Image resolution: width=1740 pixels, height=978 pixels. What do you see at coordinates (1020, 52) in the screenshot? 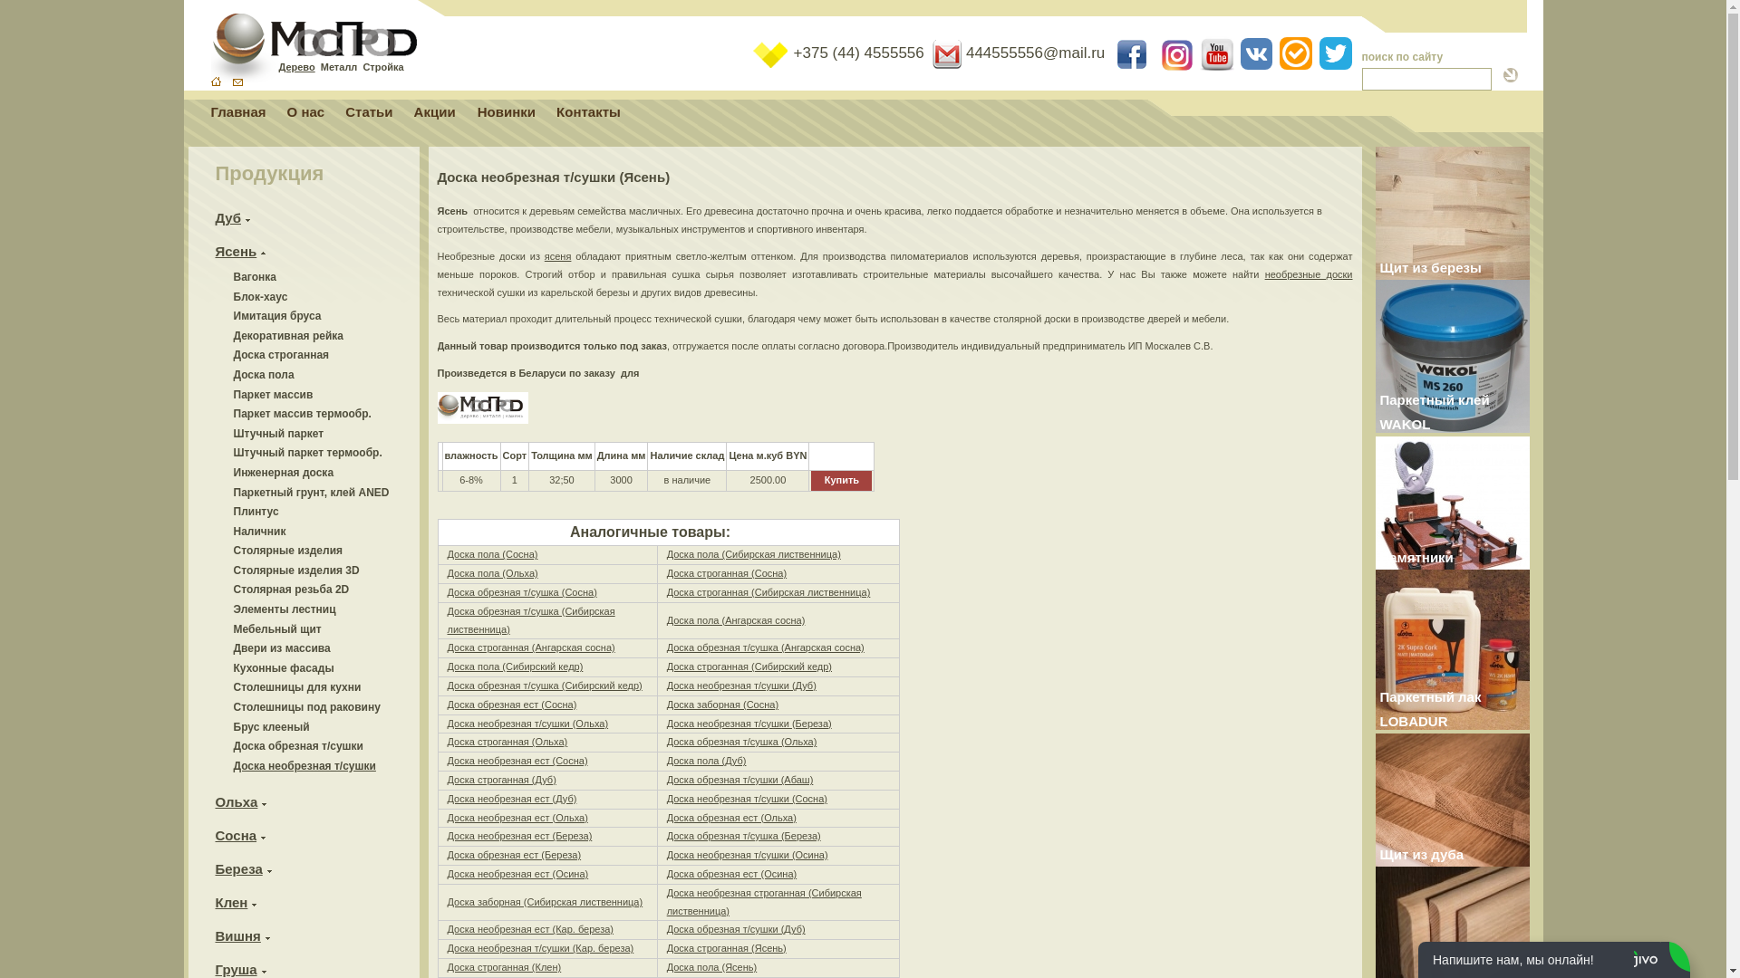
I see `' 444555556@mail.ru'` at bounding box center [1020, 52].